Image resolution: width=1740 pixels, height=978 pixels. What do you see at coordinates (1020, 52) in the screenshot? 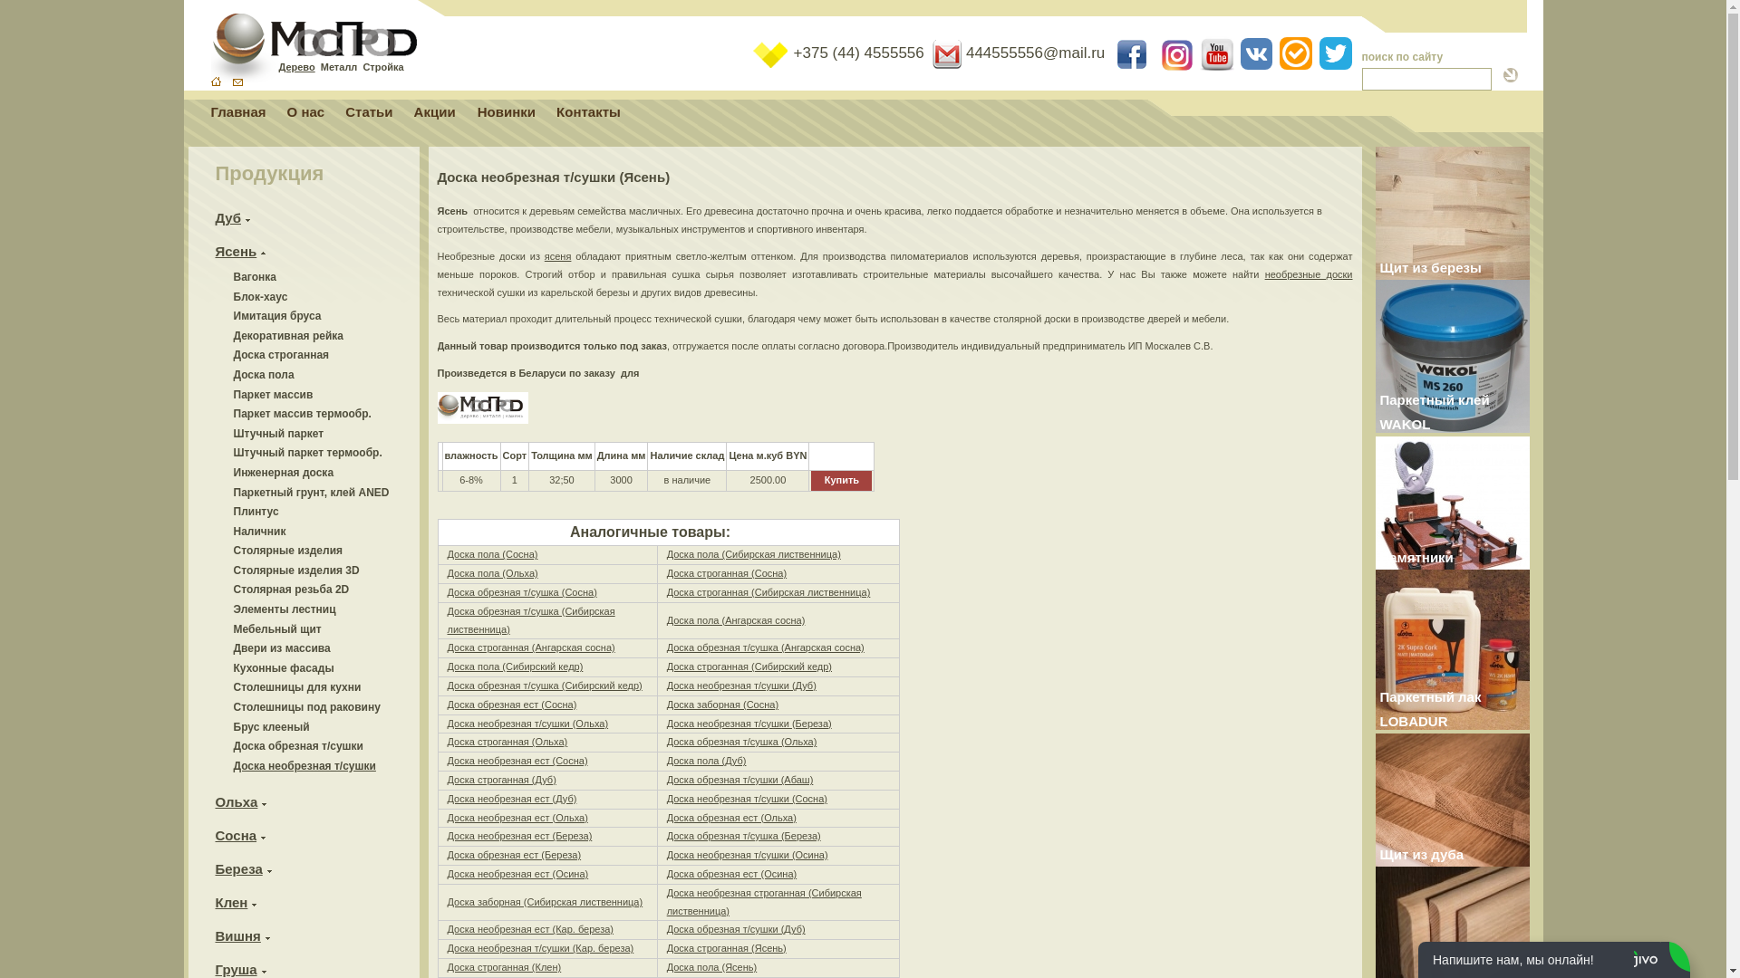
I see `' 444555556@mail.ru'` at bounding box center [1020, 52].